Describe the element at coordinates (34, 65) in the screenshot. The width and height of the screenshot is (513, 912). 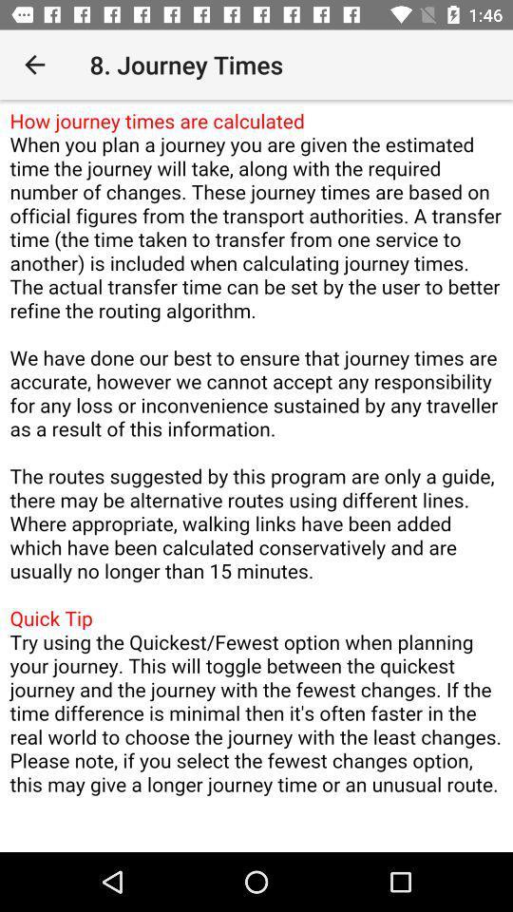
I see `the icon to the left of 8. journey times` at that location.